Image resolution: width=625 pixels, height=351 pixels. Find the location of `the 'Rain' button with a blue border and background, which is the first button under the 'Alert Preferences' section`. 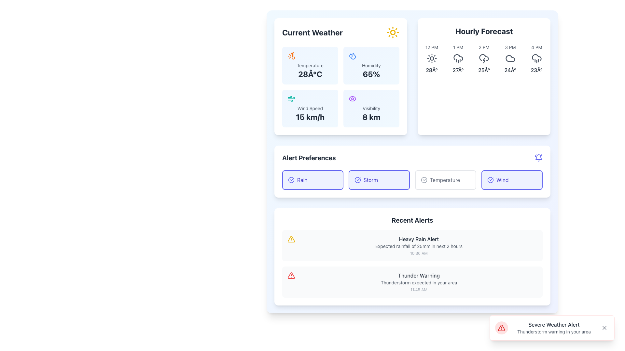

the 'Rain' button with a blue border and background, which is the first button under the 'Alert Preferences' section is located at coordinates (312, 180).